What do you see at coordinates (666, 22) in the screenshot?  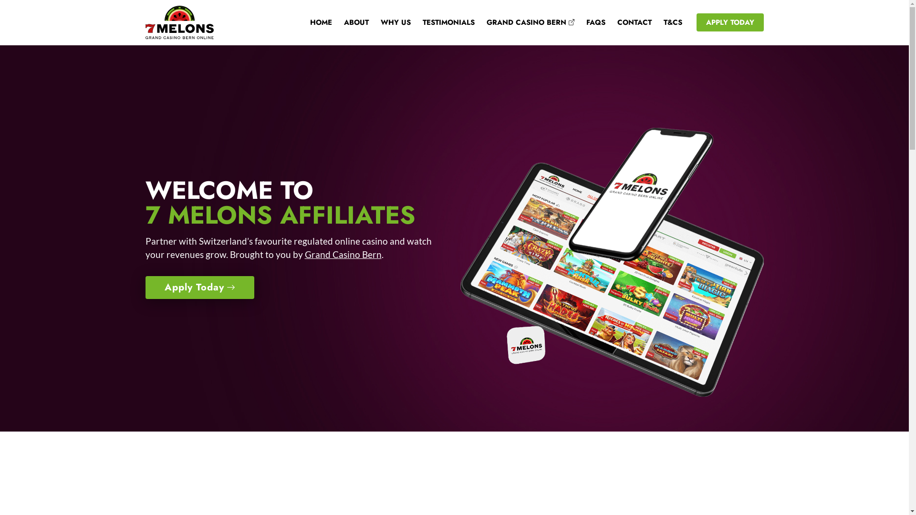 I see `'T&CS'` at bounding box center [666, 22].